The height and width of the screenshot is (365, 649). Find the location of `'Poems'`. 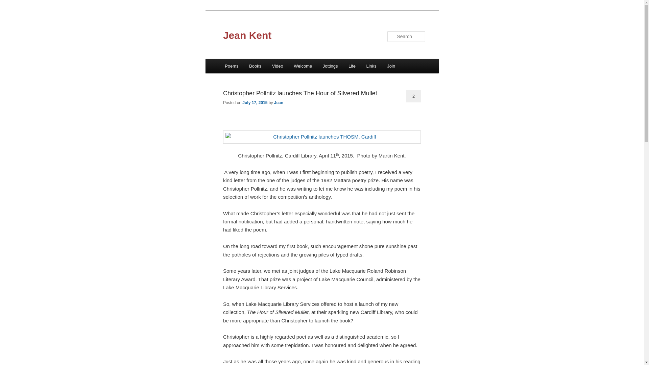

'Poems' is located at coordinates (232, 66).